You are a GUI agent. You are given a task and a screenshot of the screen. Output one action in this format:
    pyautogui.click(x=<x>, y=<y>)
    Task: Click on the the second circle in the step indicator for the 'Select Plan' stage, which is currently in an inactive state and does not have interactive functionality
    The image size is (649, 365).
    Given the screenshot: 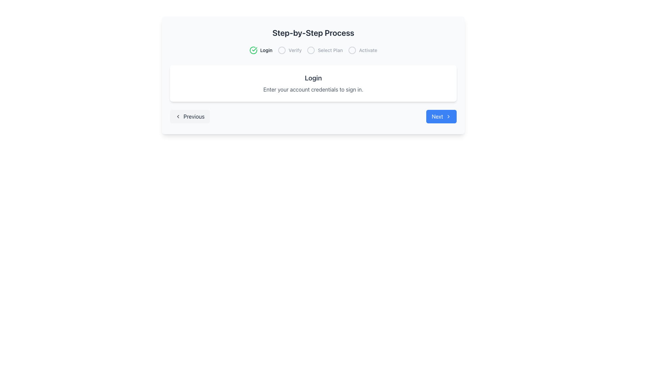 What is the action you would take?
    pyautogui.click(x=311, y=50)
    